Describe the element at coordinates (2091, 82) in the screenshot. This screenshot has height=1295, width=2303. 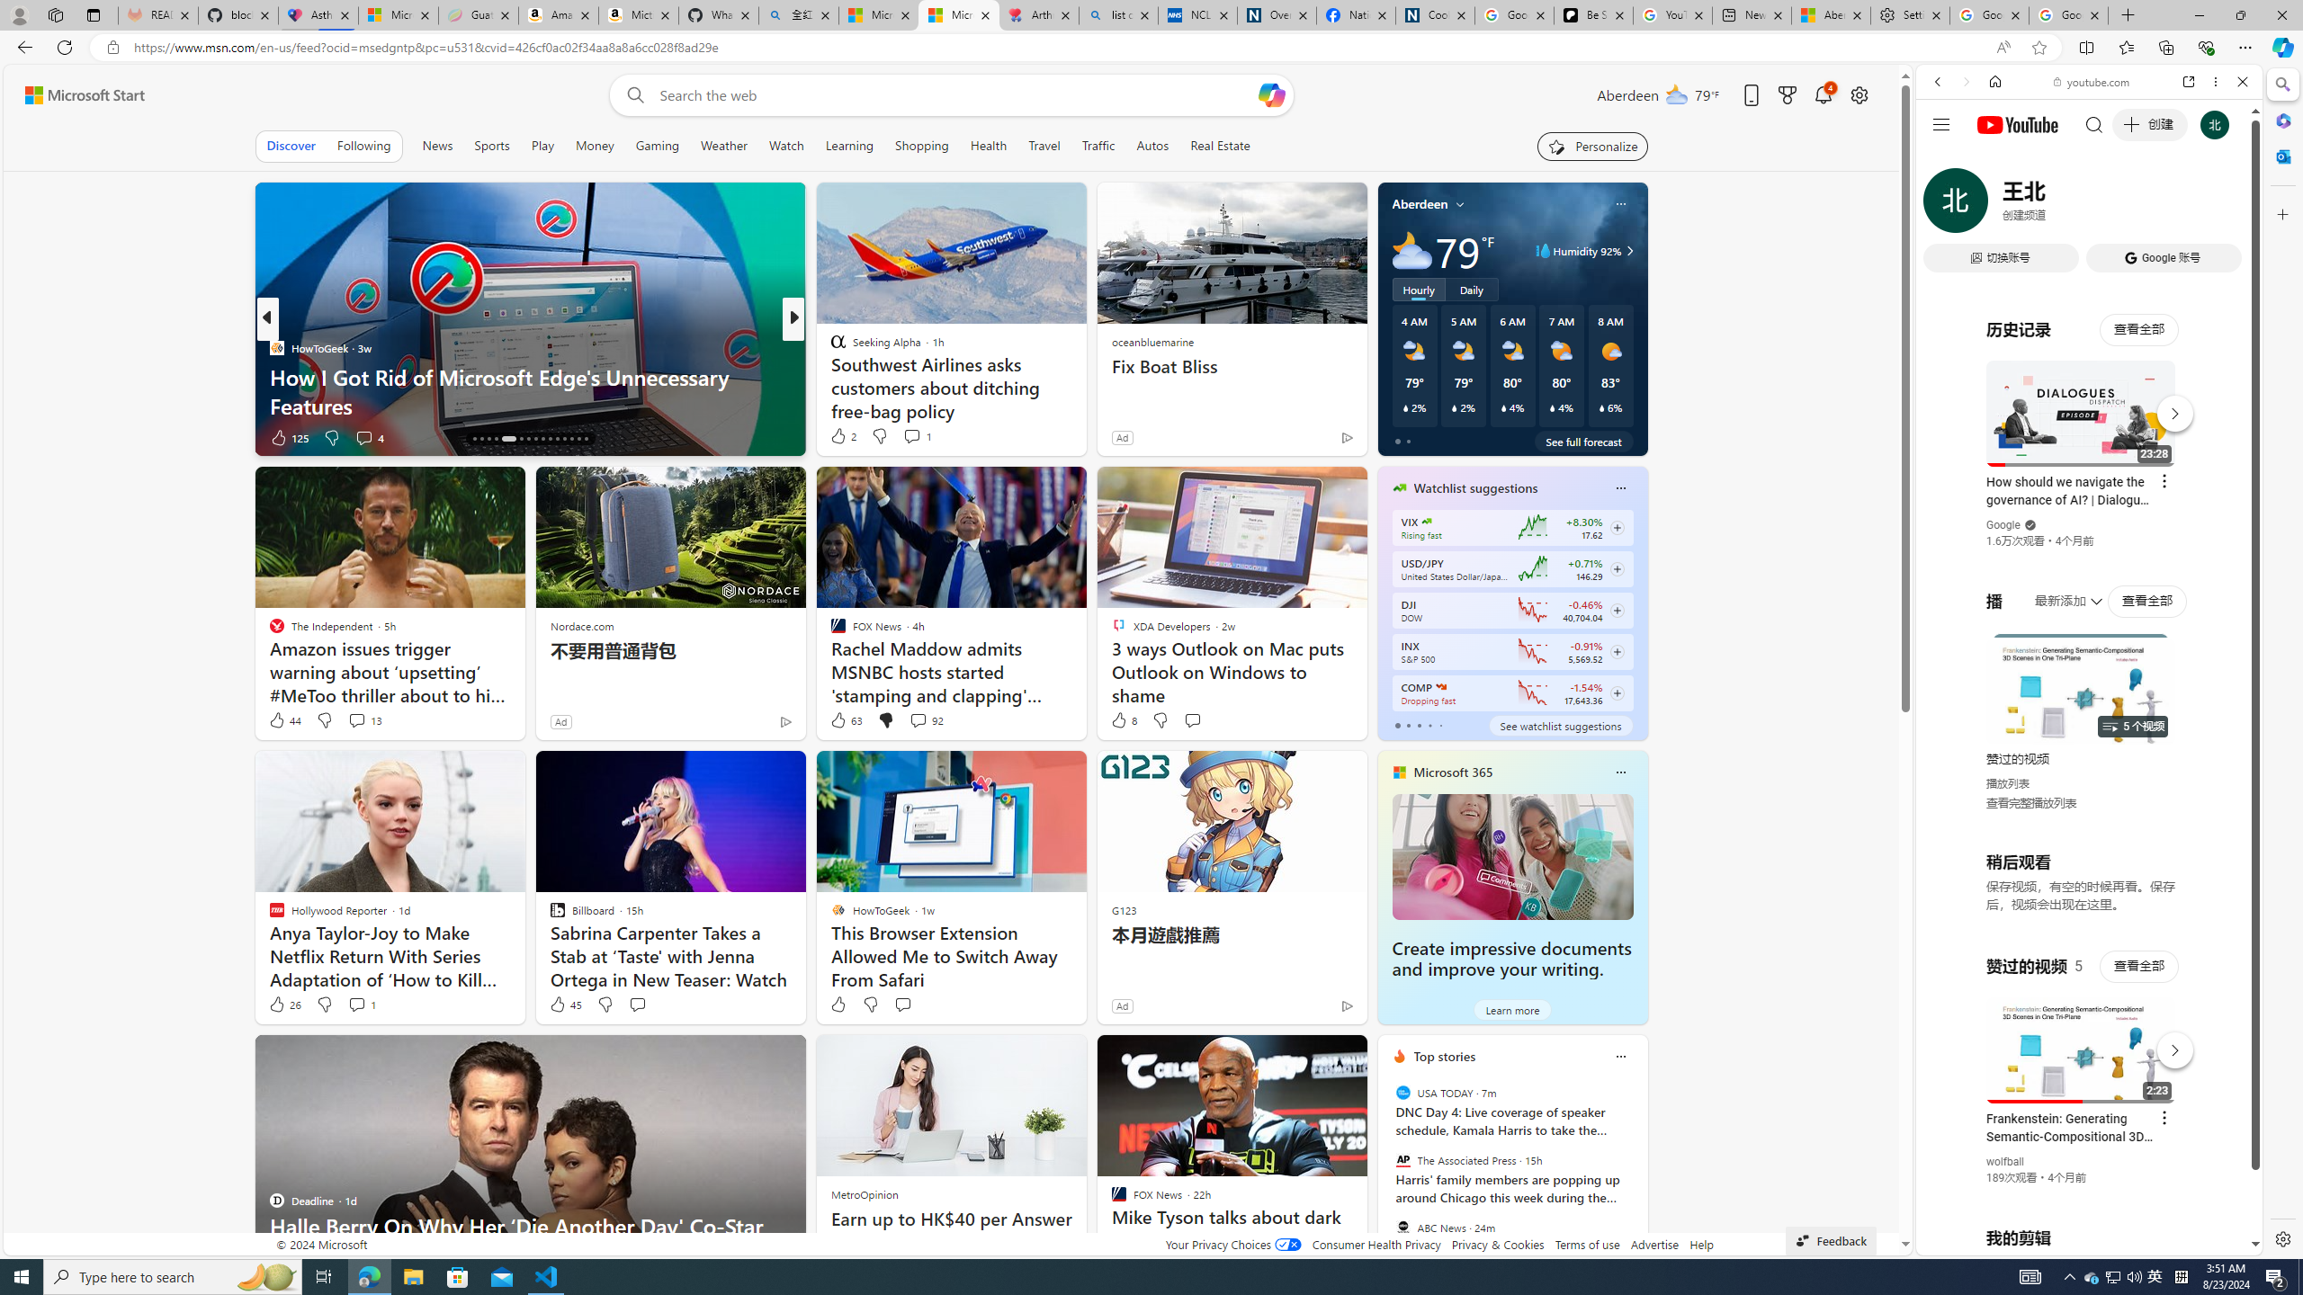
I see `'youtube.com'` at that location.